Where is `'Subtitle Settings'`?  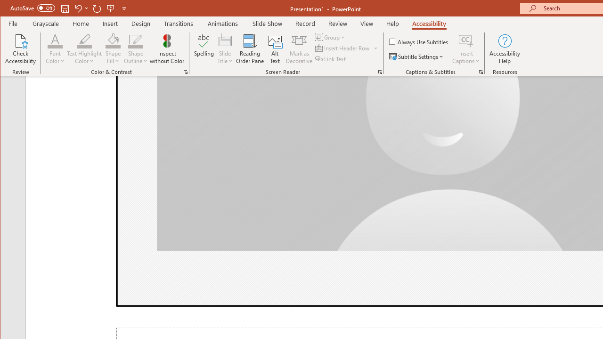
'Subtitle Settings' is located at coordinates (416, 56).